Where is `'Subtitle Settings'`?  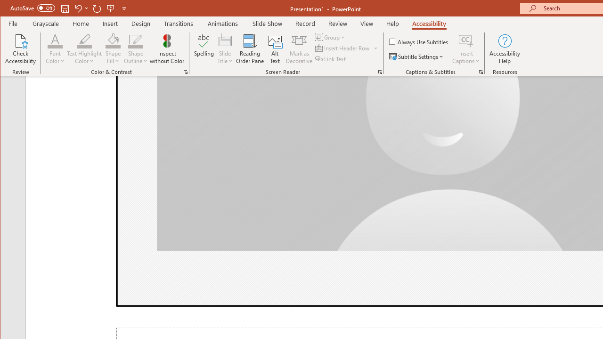
'Subtitle Settings' is located at coordinates (416, 56).